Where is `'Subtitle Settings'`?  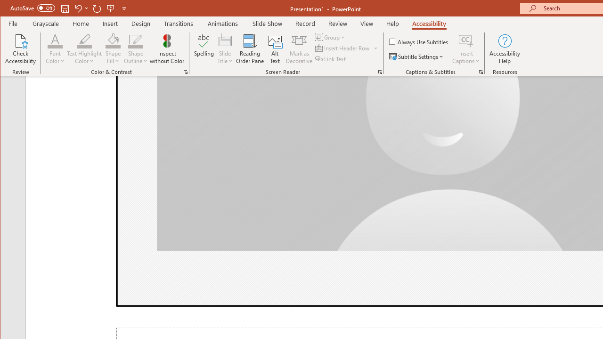
'Subtitle Settings' is located at coordinates (416, 56).